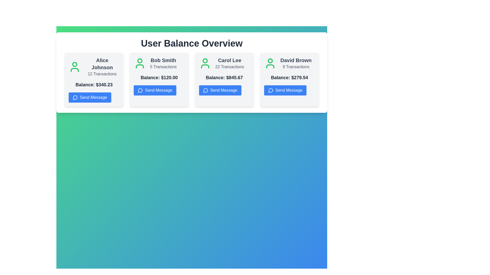  Describe the element at coordinates (140, 90) in the screenshot. I see `the messaging icon within the blue 'Send Message' button located in the card of 'Bob Smith', which is slightly left positioned beneath the balance information` at that location.